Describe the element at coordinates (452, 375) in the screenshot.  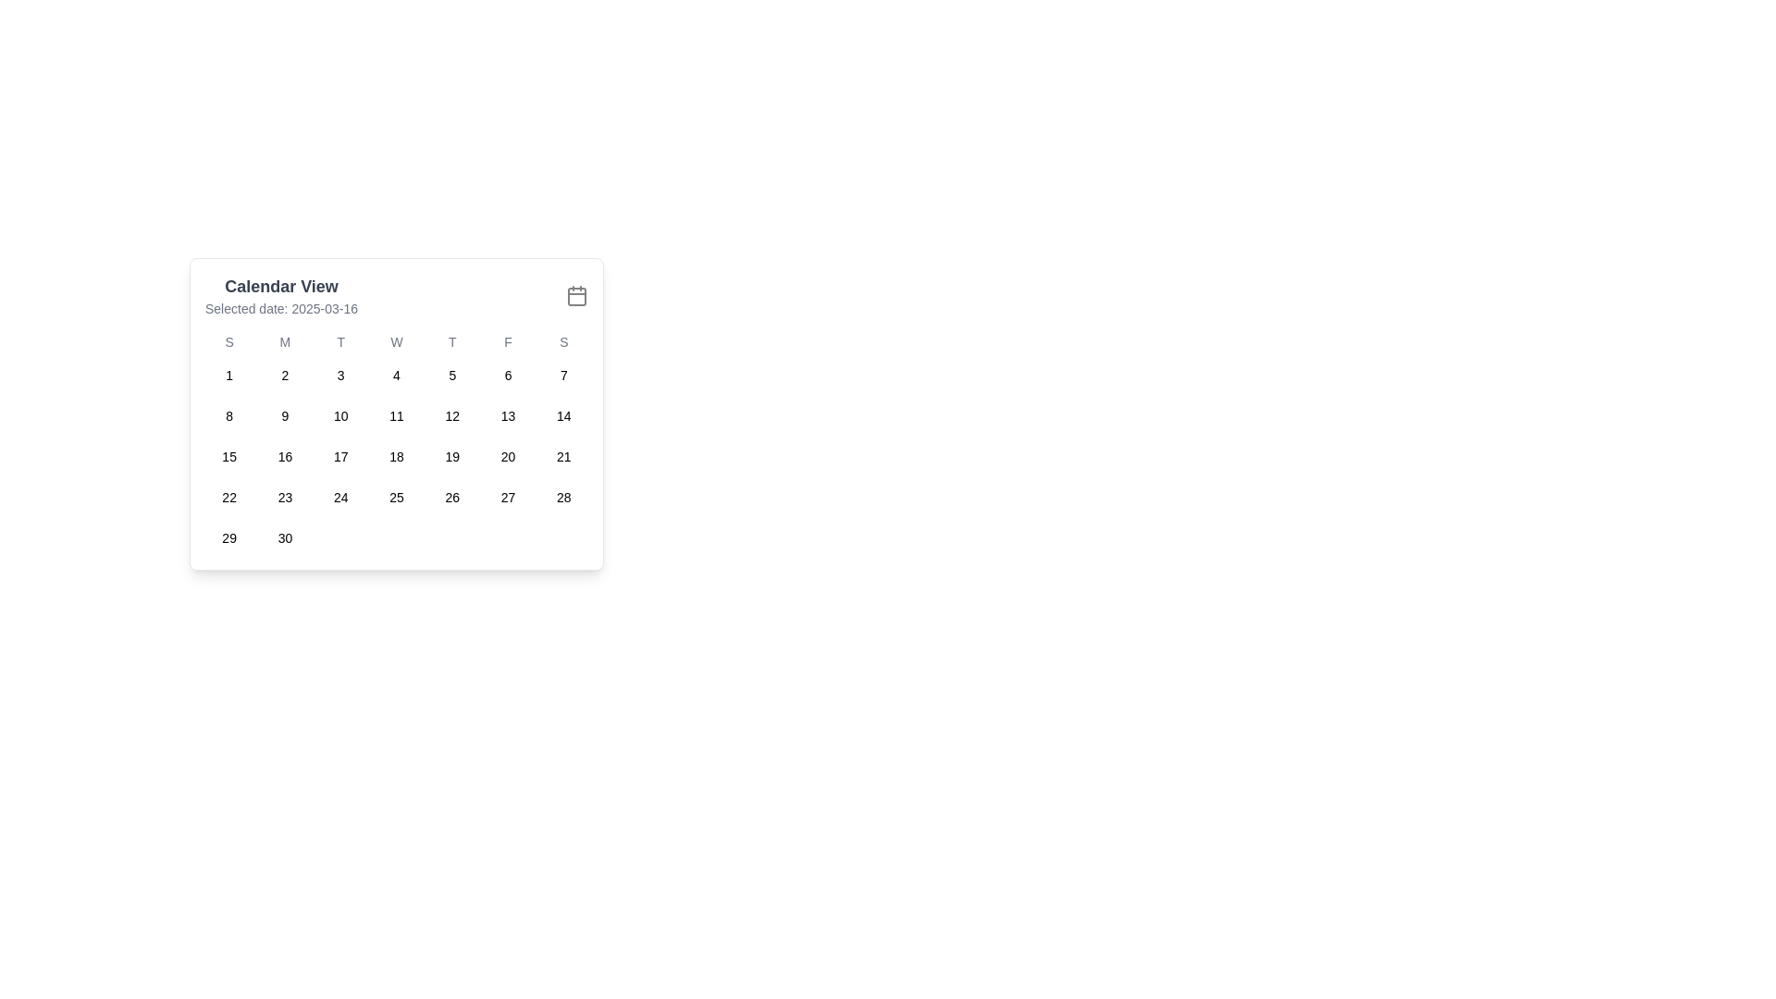
I see `the square-shaped button displaying the number '5', which is the fifth cell in the first row of the calendar's grid layout, corresponding to Thursday of the first week` at that location.